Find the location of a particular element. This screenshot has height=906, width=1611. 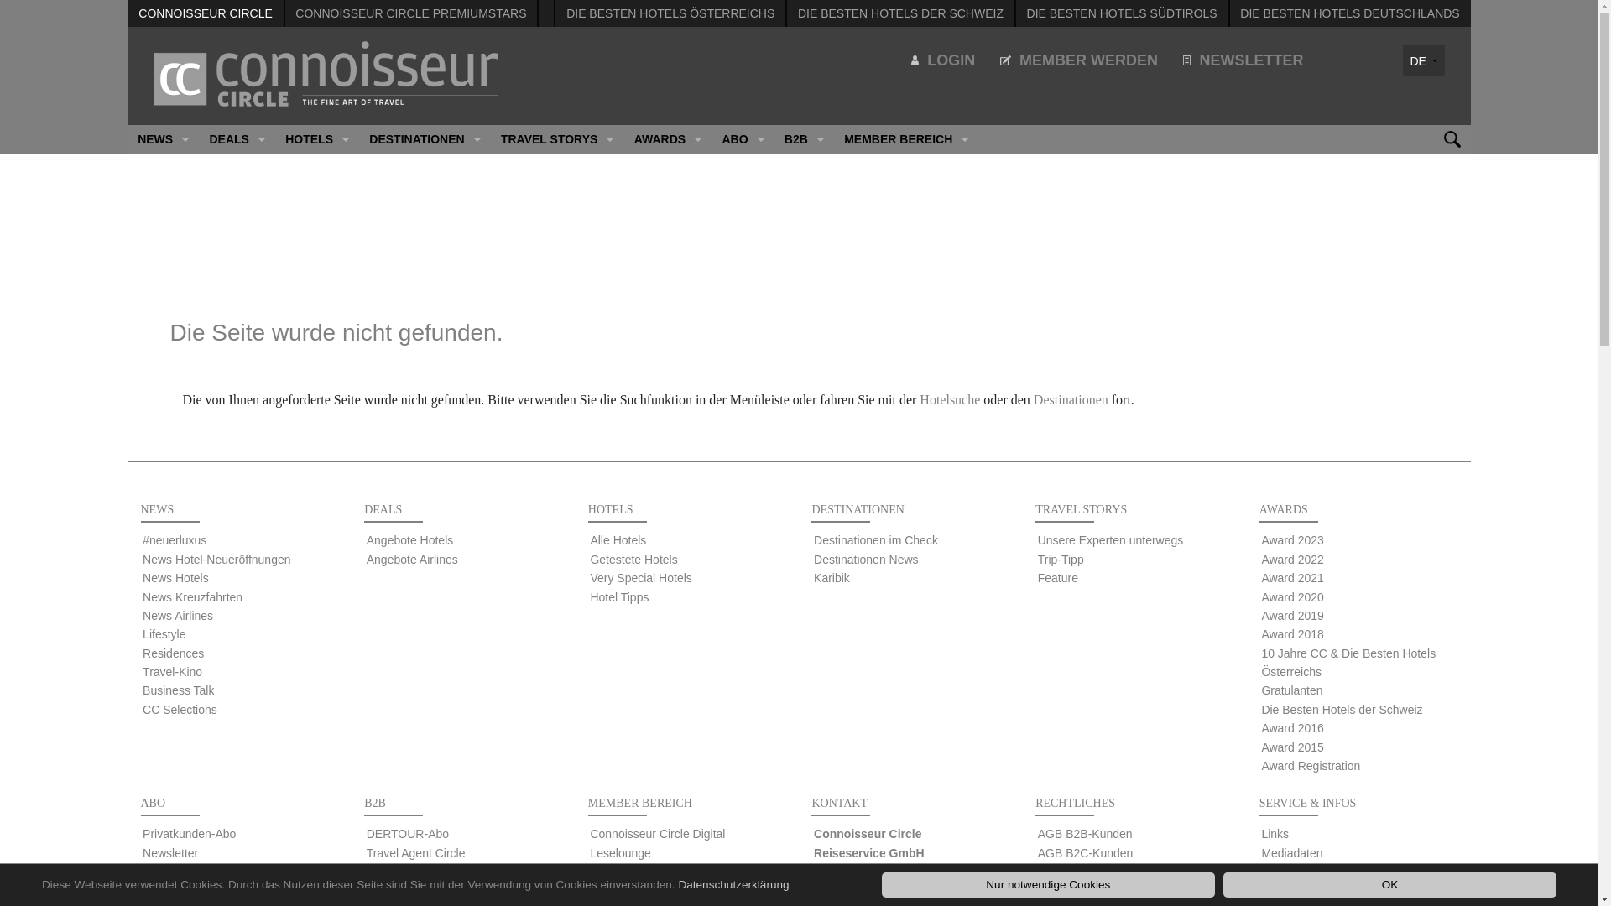

'Award 2023' is located at coordinates (1291, 540).